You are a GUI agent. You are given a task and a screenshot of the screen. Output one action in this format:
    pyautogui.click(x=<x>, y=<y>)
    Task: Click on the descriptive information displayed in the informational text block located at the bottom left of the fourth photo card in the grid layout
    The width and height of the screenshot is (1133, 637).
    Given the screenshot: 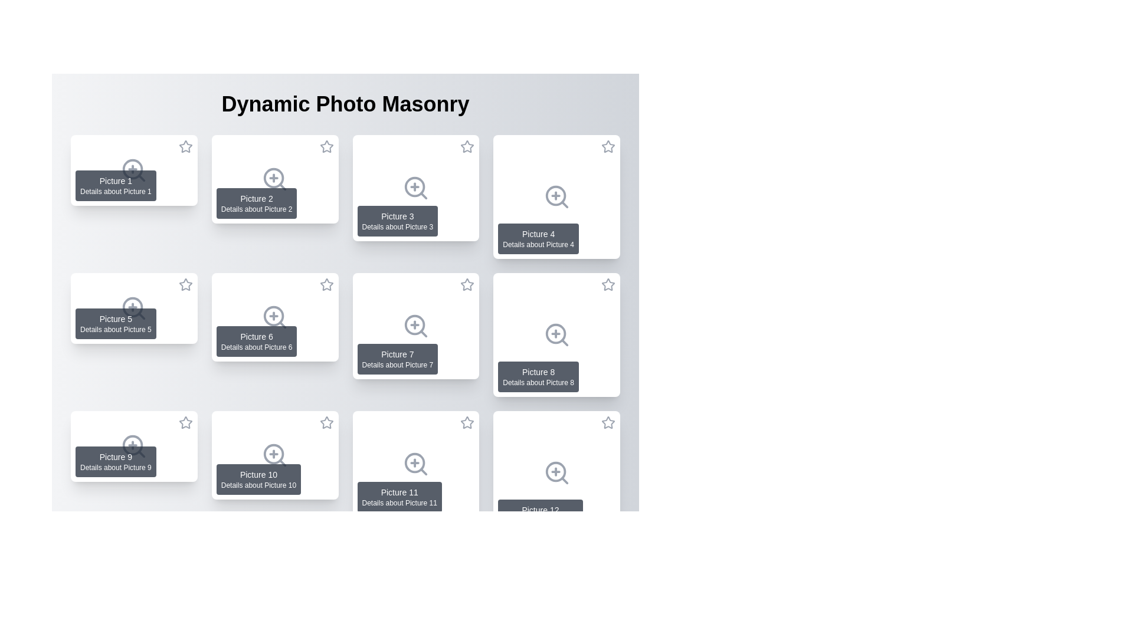 What is the action you would take?
    pyautogui.click(x=538, y=239)
    